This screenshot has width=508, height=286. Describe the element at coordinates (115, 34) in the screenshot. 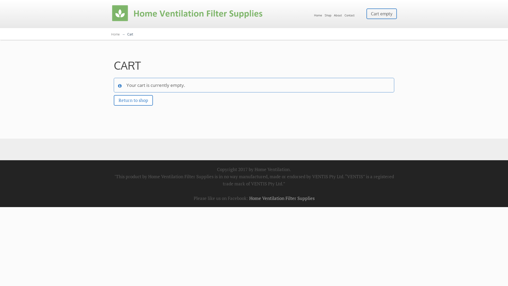

I see `'Home'` at that location.